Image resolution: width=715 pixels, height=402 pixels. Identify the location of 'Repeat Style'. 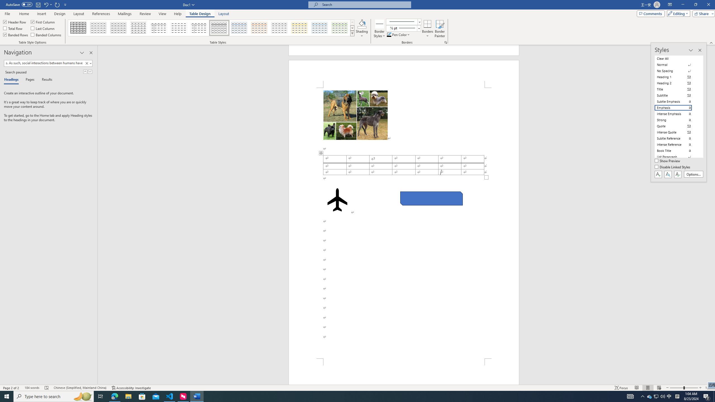
(57, 4).